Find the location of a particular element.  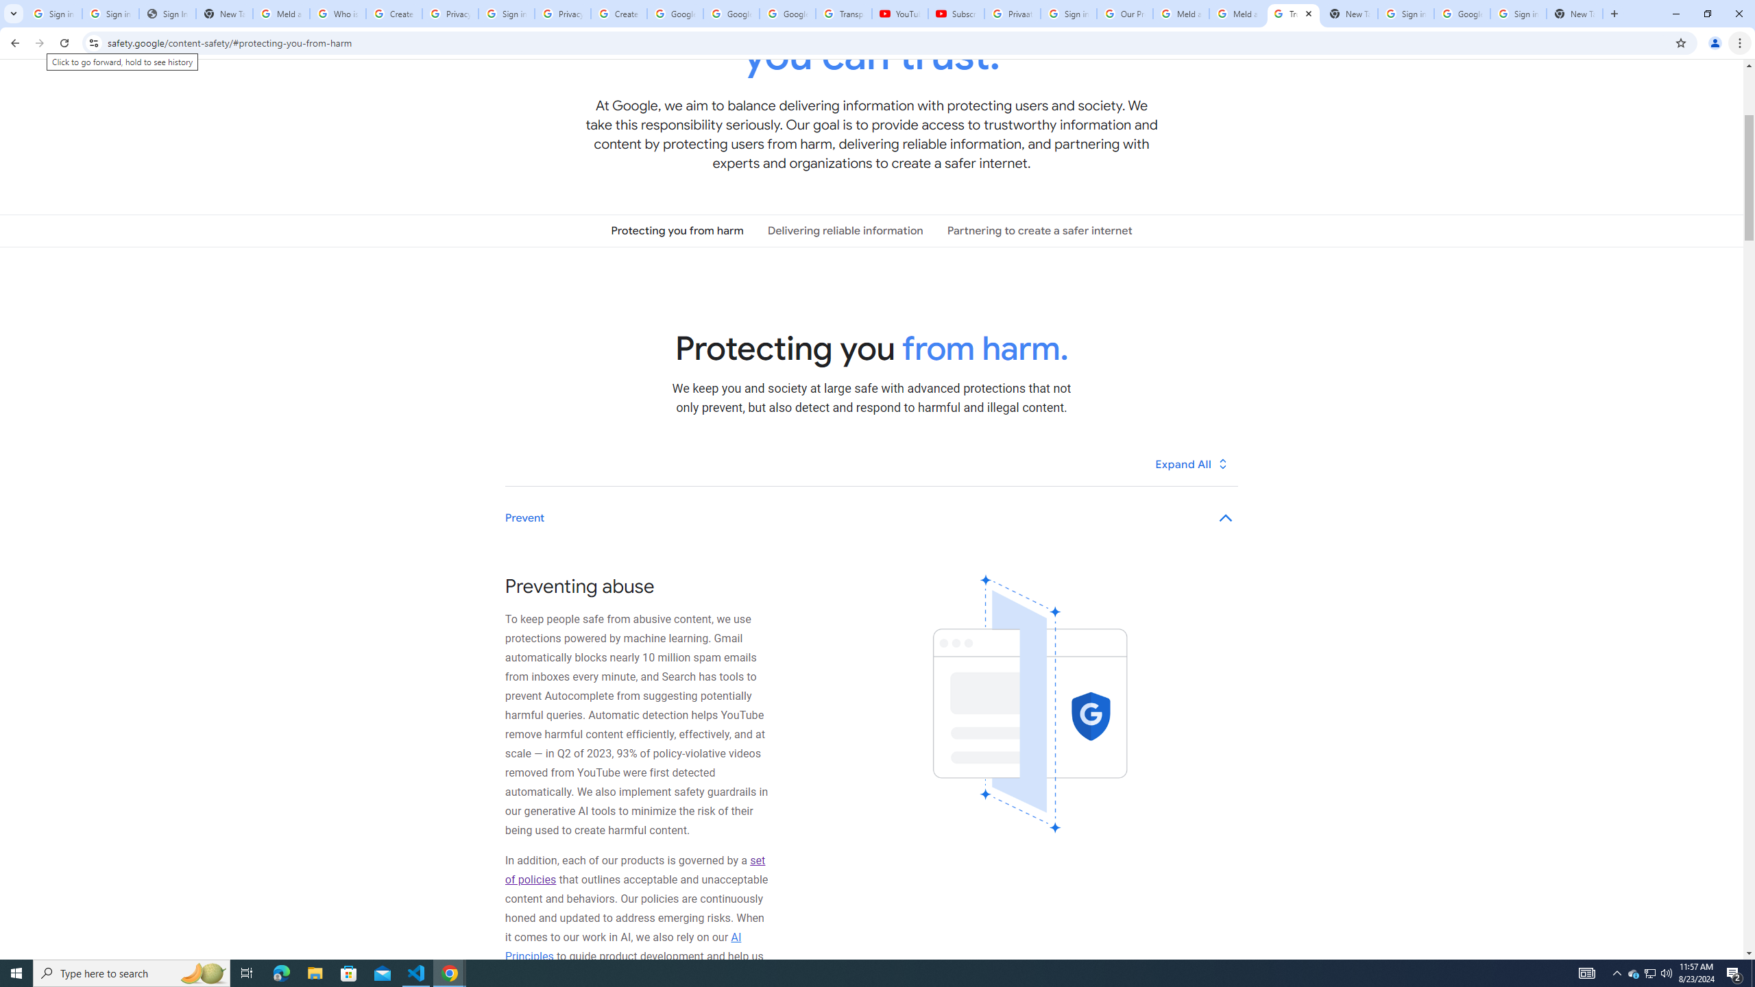

'Trusted Information and Content - Google Safety Center' is located at coordinates (1294, 13).